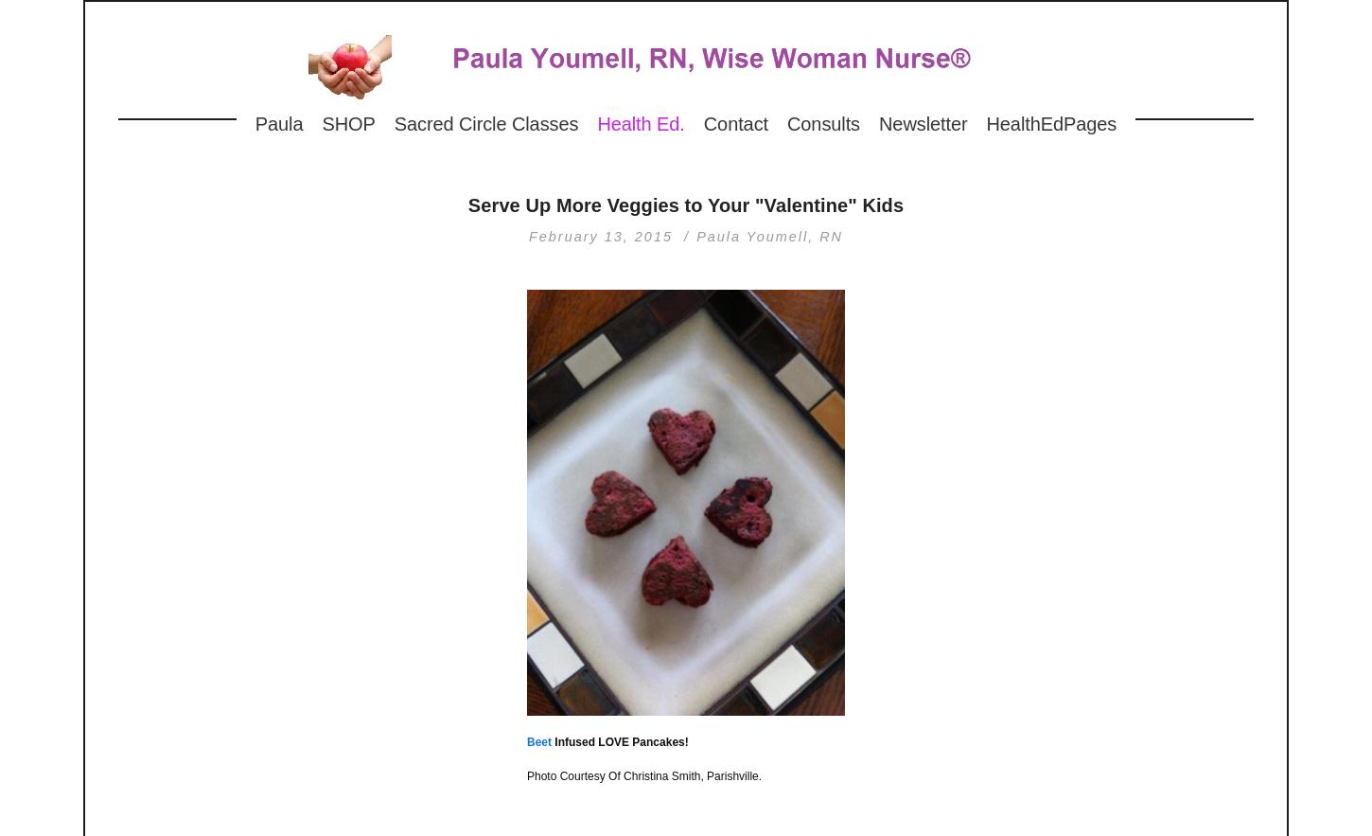 The height and width of the screenshot is (836, 1372). Describe the element at coordinates (618, 741) in the screenshot. I see `'Infused LOVE Pancakes!'` at that location.